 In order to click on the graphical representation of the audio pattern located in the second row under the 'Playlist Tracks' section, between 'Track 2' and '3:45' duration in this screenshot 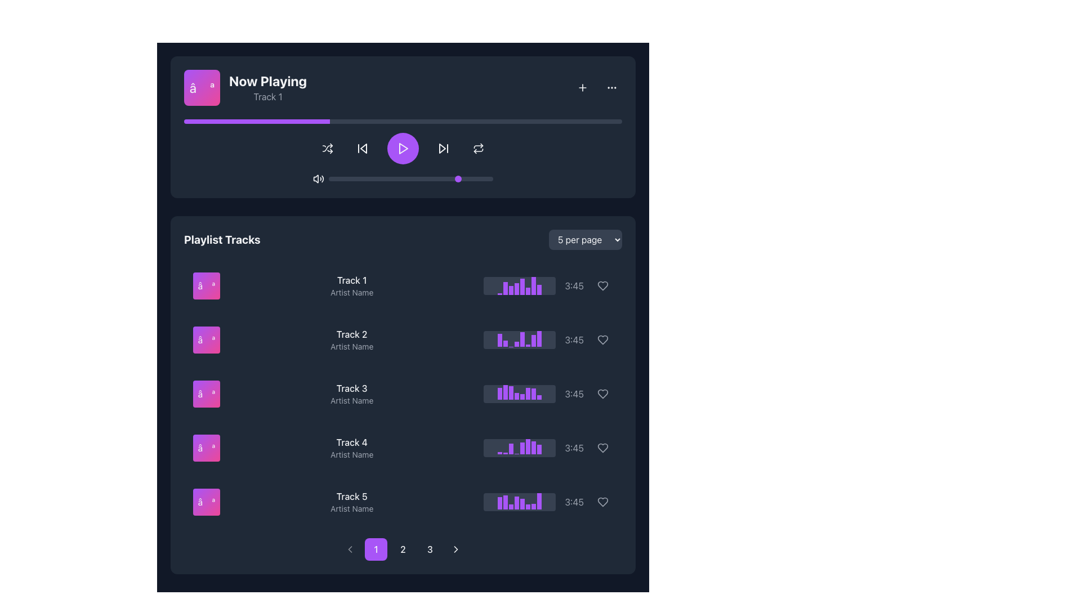, I will do `click(519, 339)`.